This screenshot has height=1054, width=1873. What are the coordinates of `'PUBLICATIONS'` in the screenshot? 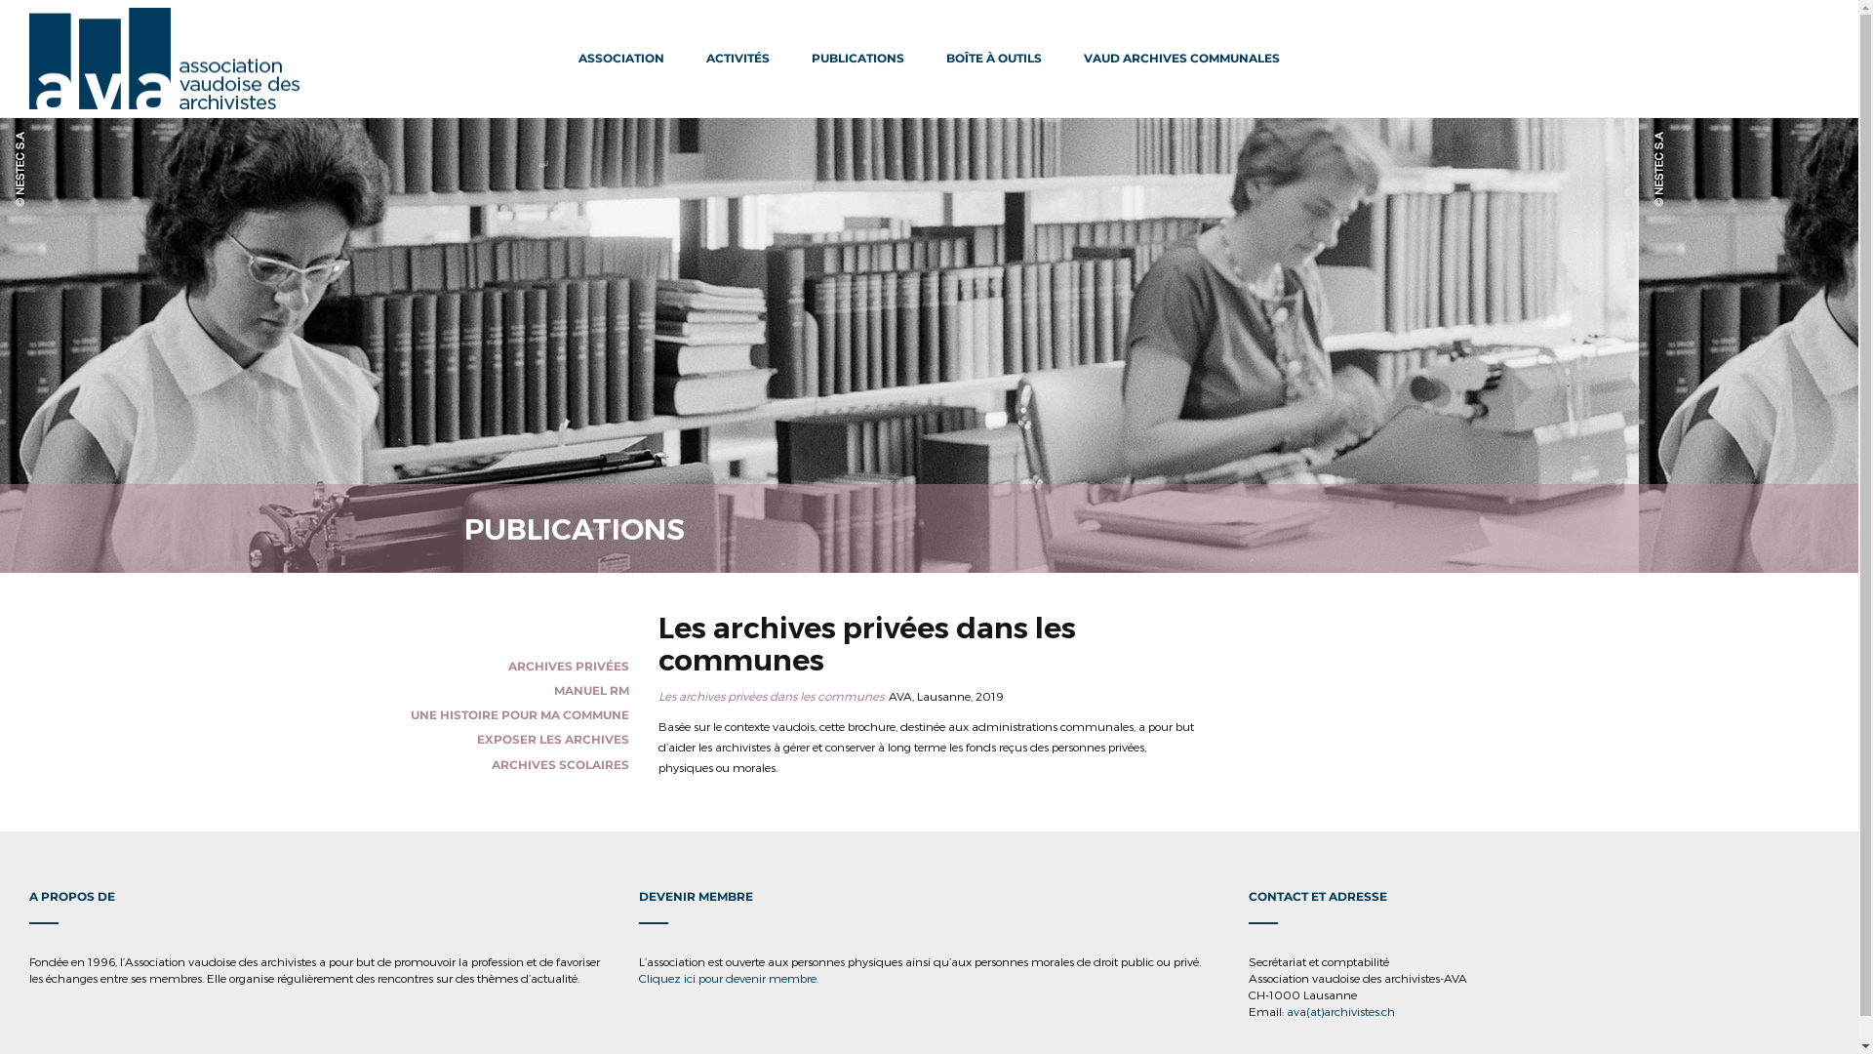 It's located at (857, 58).